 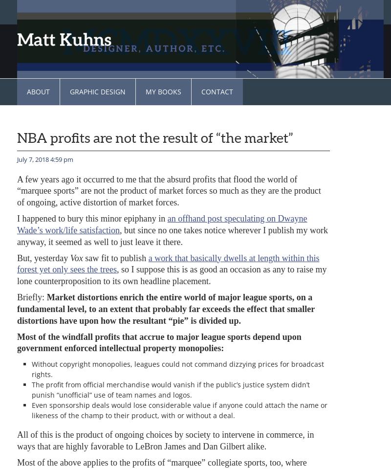 What do you see at coordinates (16, 440) in the screenshot?
I see `'All of this is the product of ongoing choices by society to intervene in commerce, in ways that are highly favorable to LeBron James and Dan Gilbert alike.'` at bounding box center [16, 440].